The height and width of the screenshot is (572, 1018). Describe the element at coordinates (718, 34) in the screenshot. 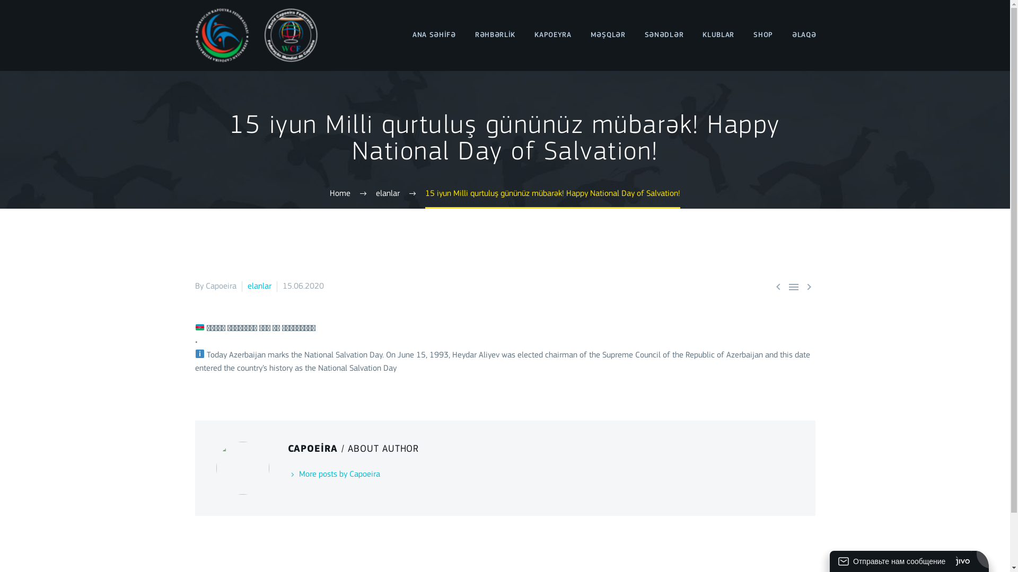

I see `'KLUBLAR'` at that location.